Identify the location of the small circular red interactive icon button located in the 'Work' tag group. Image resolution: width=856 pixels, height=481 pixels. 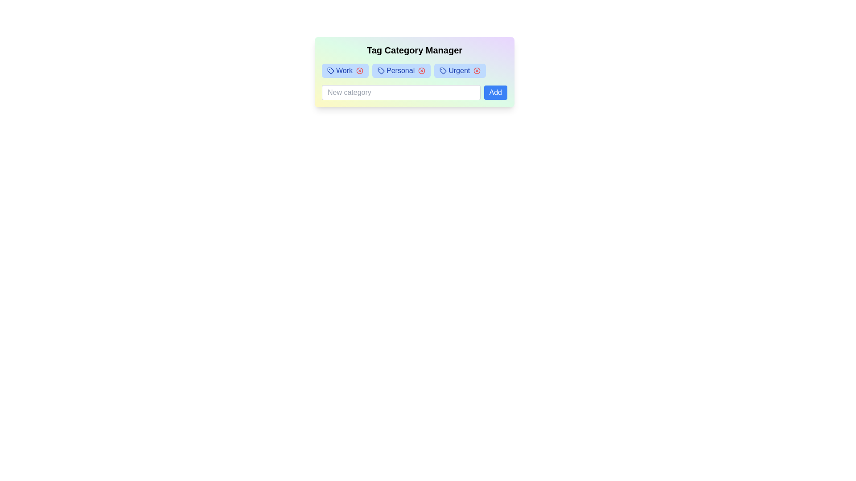
(359, 70).